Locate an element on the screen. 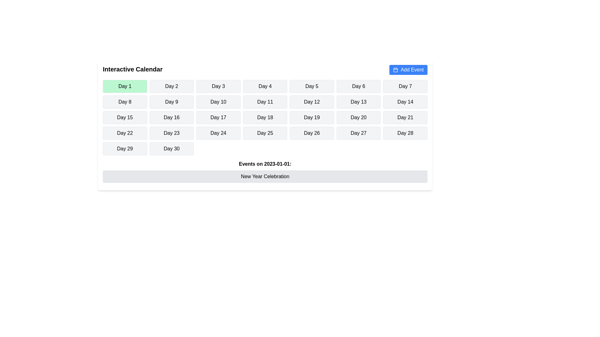 This screenshot has width=600, height=337. the button representing the 21st day in the interactive calendar is located at coordinates (405, 118).